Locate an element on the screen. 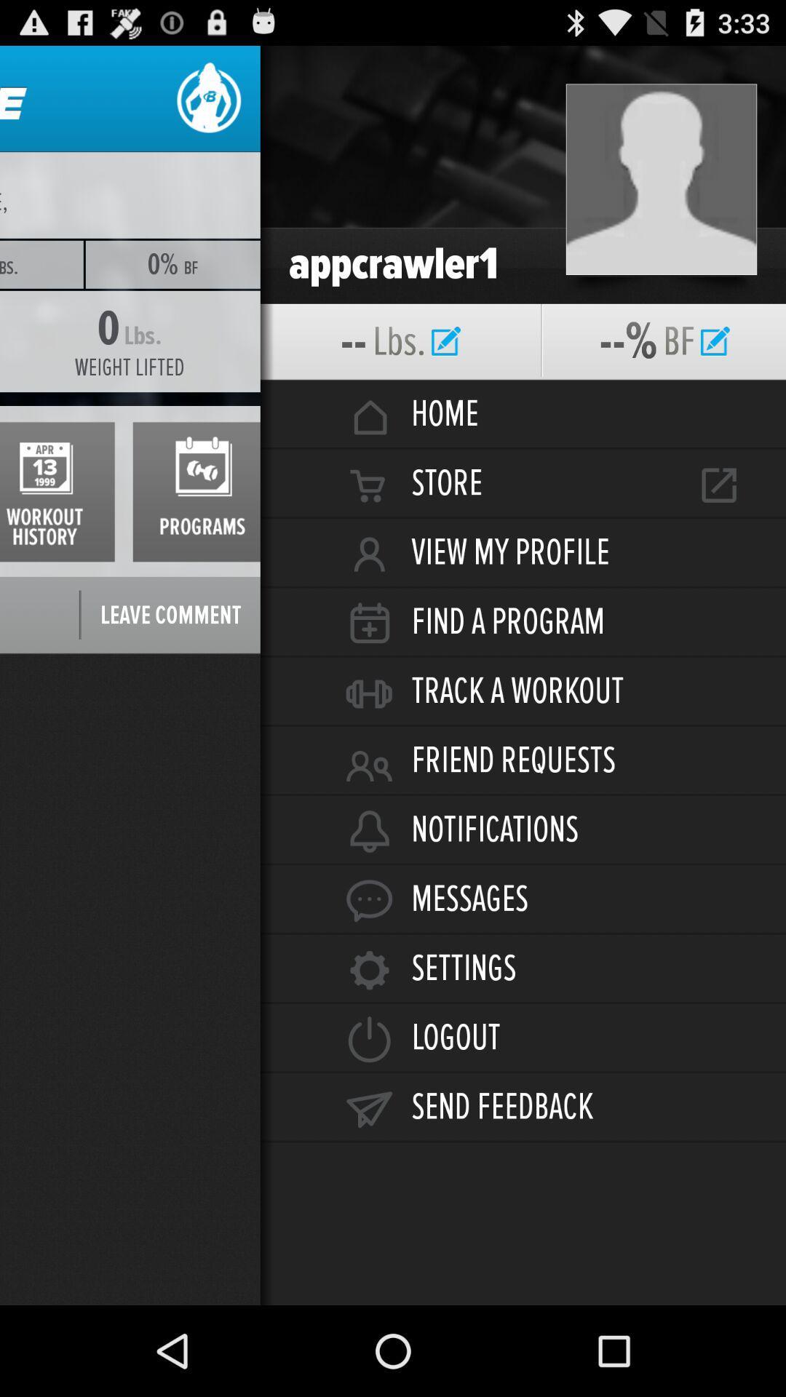 The image size is (786, 1397). the edit icon is located at coordinates (445, 365).